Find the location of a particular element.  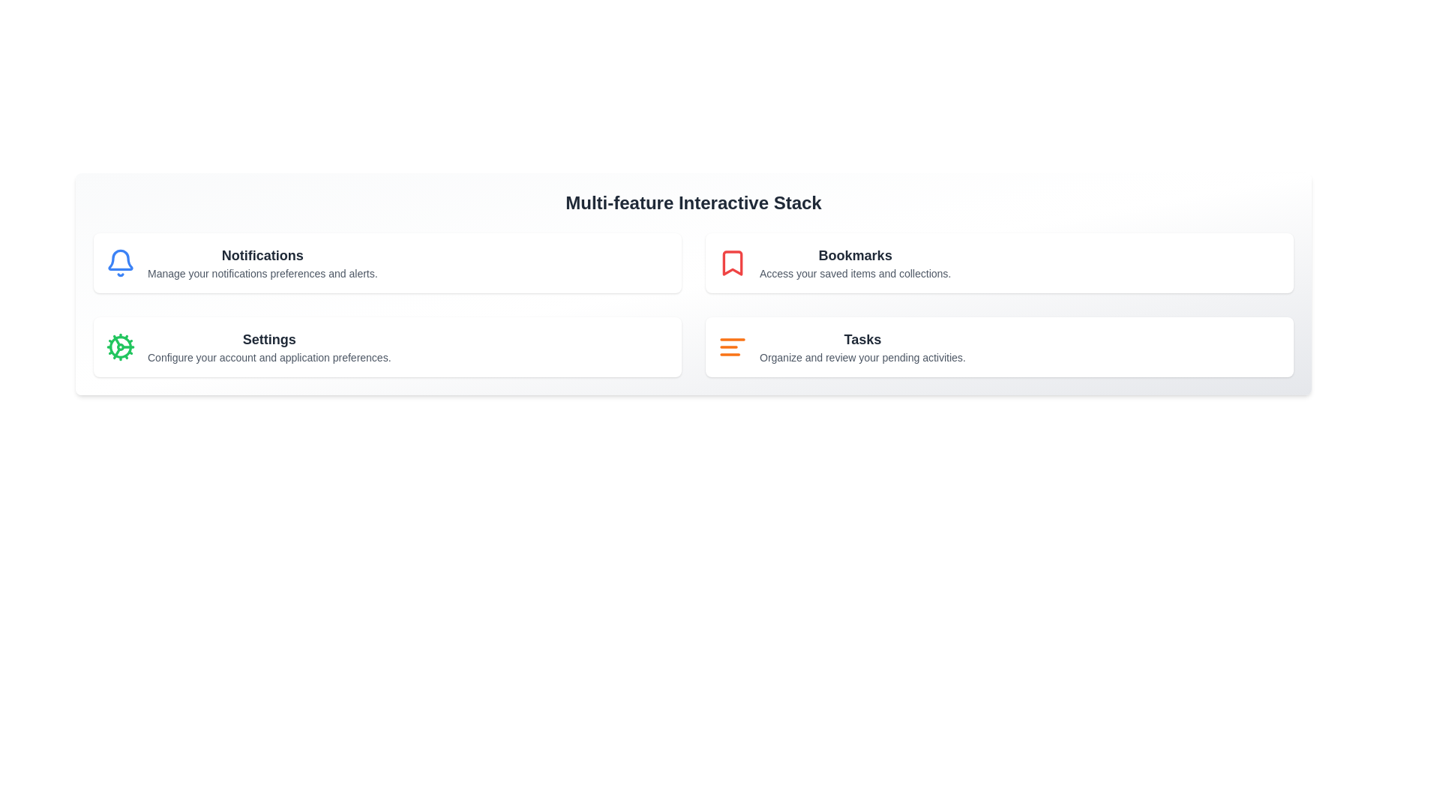

the red bookmark icon located in the top-right area of the interface, to the left of the 'Bookmarks' title and description text is located at coordinates (733, 262).